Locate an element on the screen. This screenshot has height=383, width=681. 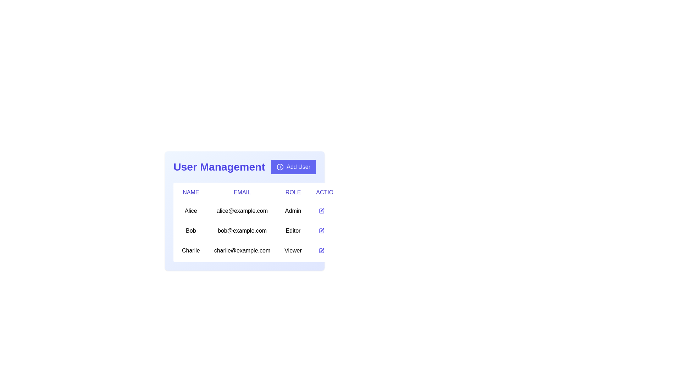
the blue pen icon for editing in the 'User Management' section, located in the 'Action' column of the first row corresponding to 'Alice' to initiate editing is located at coordinates (321, 210).